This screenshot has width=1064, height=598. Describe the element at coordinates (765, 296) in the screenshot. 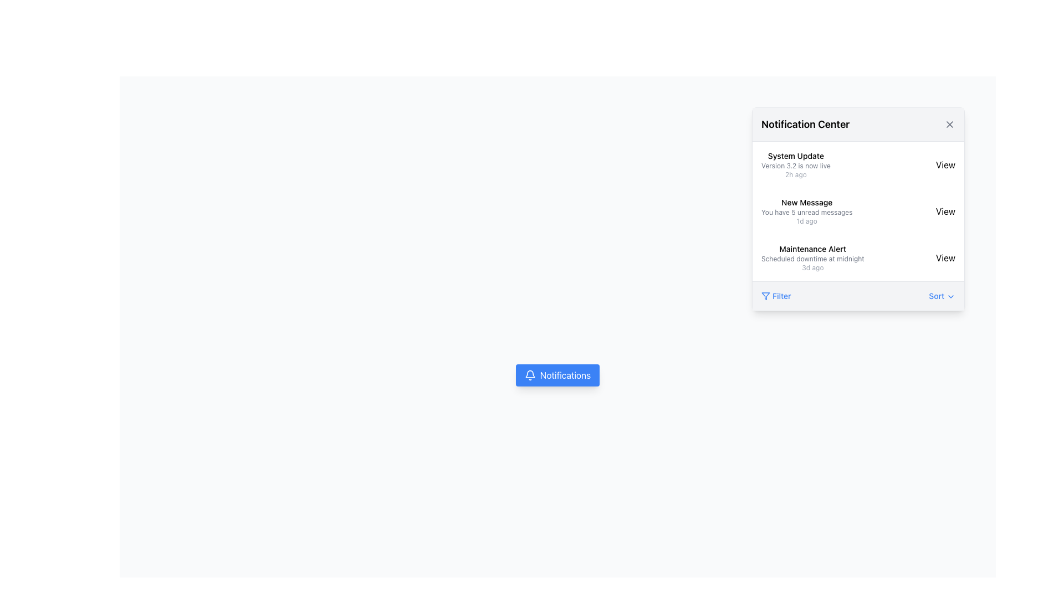

I see `the filter icon, which is a classic funnel symbol with a blue outline, located at the bottom left corner of the notification panel next to the 'Filter' text` at that location.